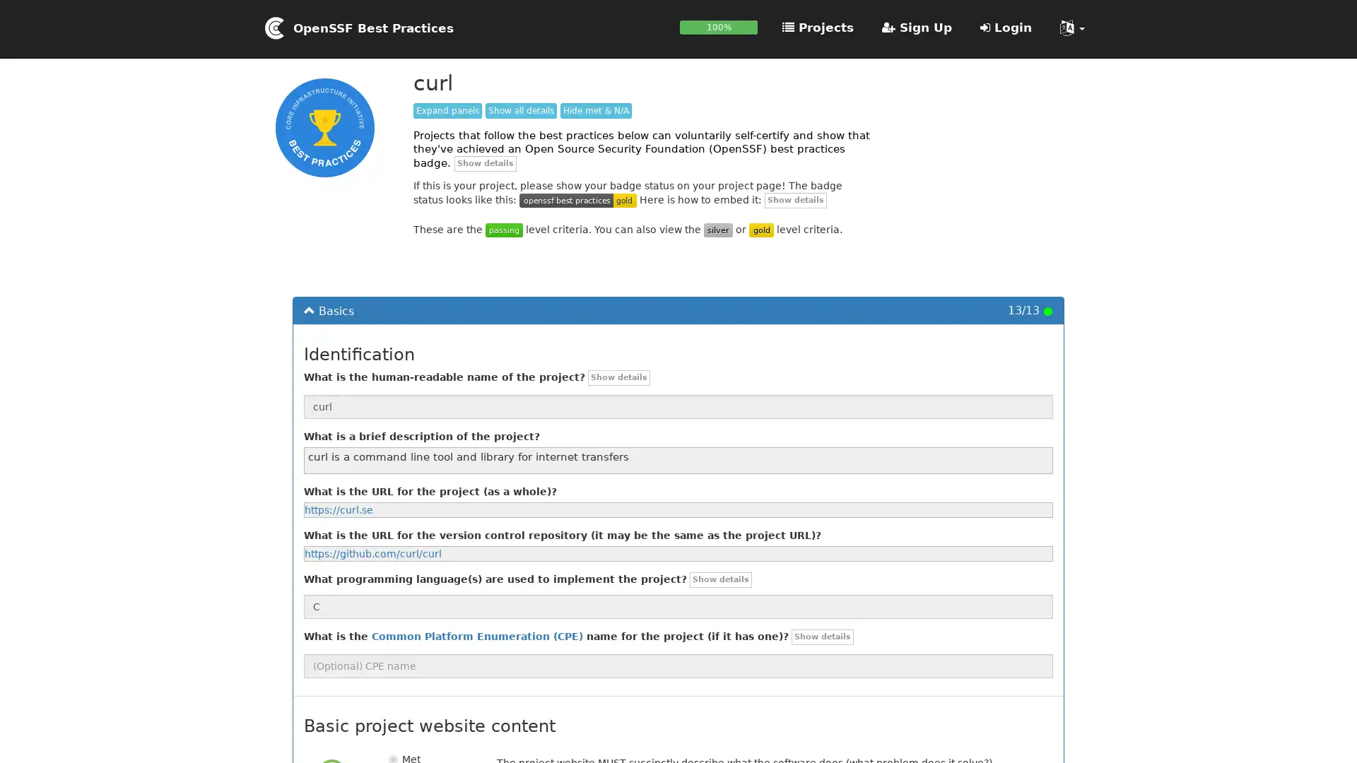 The width and height of the screenshot is (1357, 763). I want to click on Show details, so click(796, 199).